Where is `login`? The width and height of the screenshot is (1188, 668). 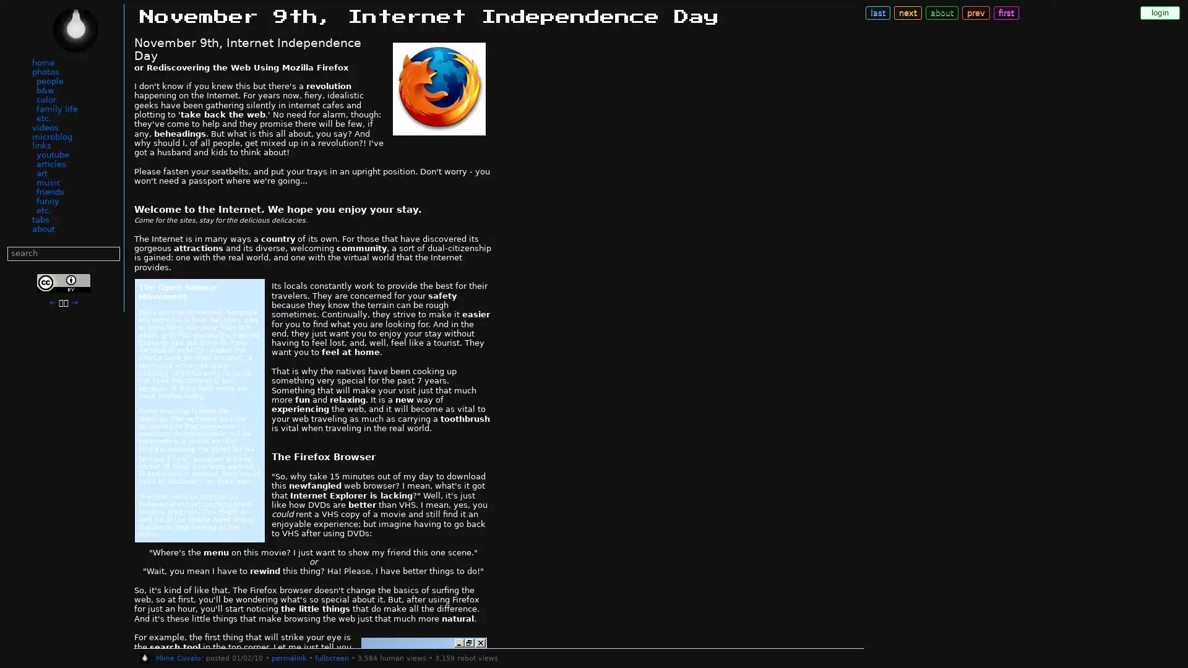 login is located at coordinates (1160, 12).